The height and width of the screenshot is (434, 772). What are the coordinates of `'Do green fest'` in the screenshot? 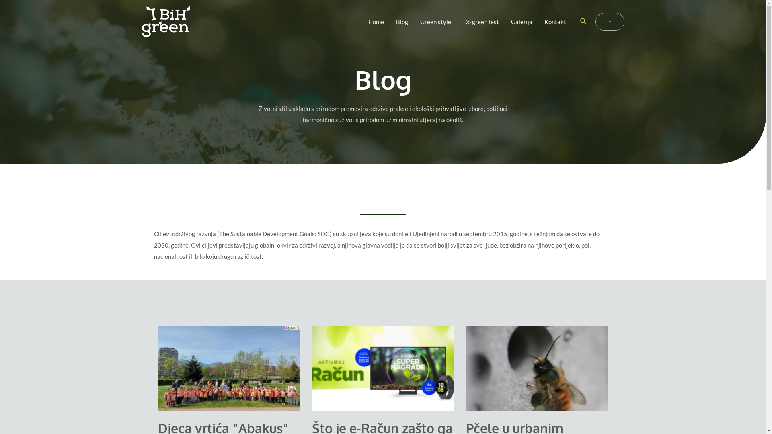 It's located at (481, 21).